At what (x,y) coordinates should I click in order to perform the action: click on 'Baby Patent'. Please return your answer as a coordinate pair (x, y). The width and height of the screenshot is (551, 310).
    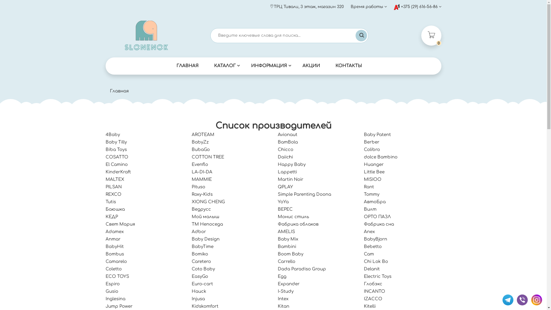
    Looking at the image, I should click on (377, 135).